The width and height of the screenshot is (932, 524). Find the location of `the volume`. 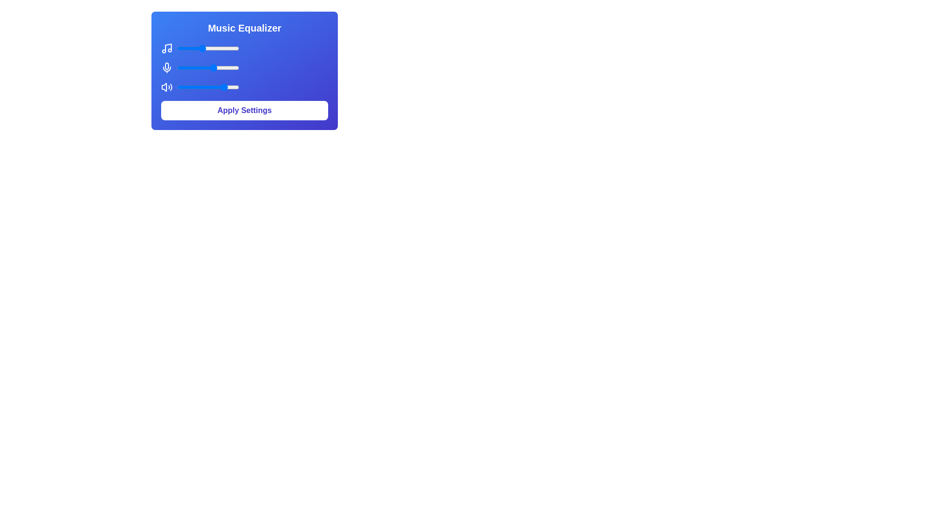

the volume is located at coordinates (220, 87).